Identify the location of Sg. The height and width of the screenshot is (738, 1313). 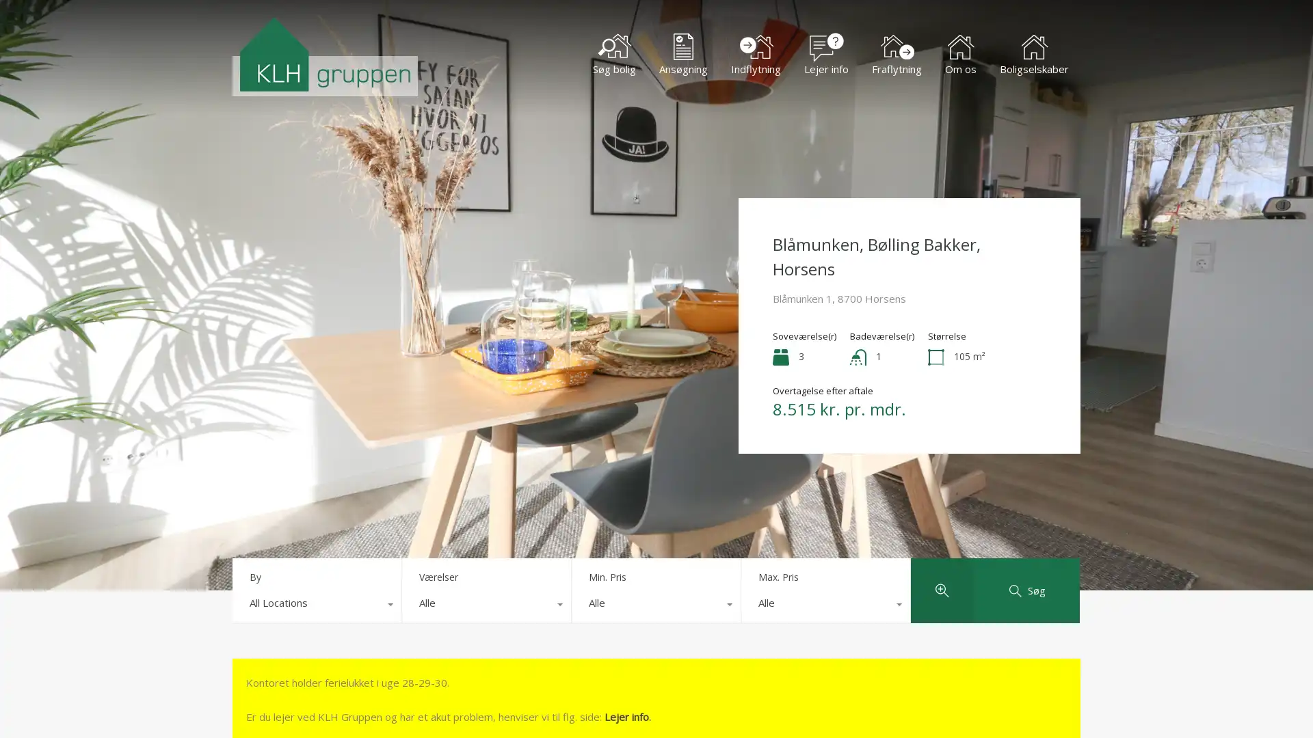
(1026, 590).